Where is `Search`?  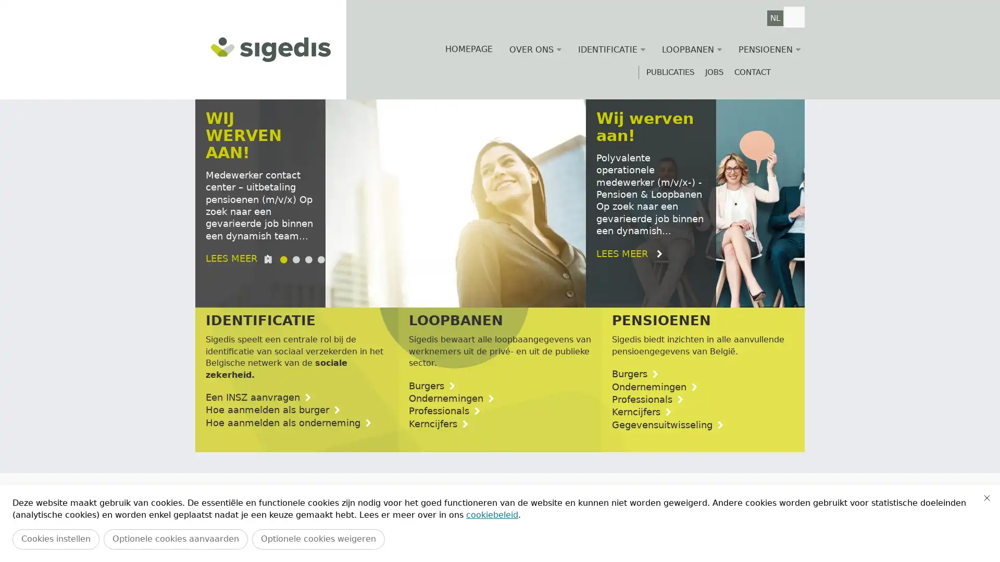
Search is located at coordinates (794, 17).